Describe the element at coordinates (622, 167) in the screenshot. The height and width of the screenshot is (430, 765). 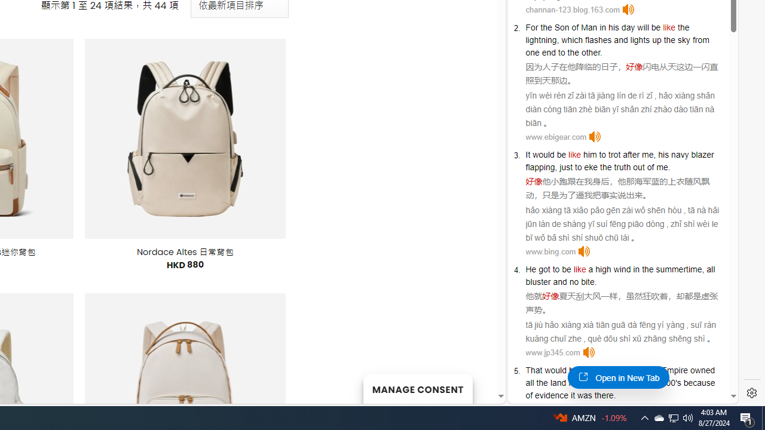
I see `'truth'` at that location.